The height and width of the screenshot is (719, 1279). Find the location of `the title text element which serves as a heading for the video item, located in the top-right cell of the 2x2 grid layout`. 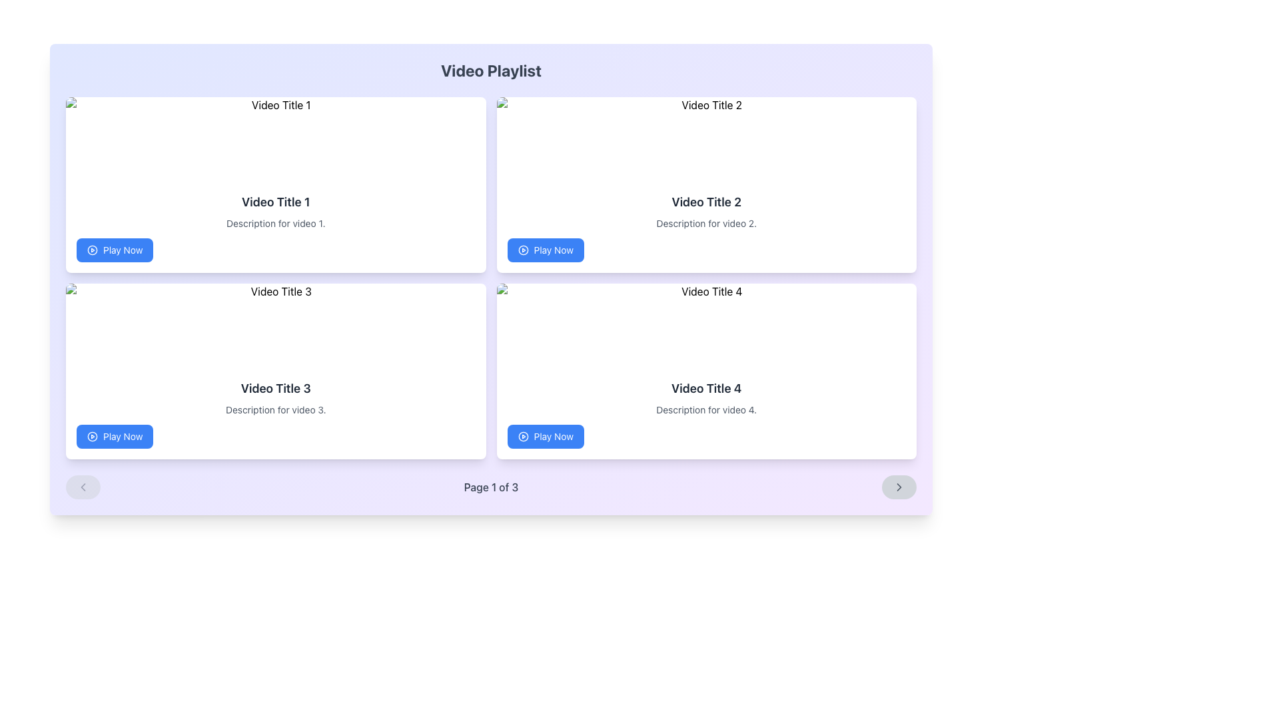

the title text element which serves as a heading for the video item, located in the top-right cell of the 2x2 grid layout is located at coordinates (705, 202).